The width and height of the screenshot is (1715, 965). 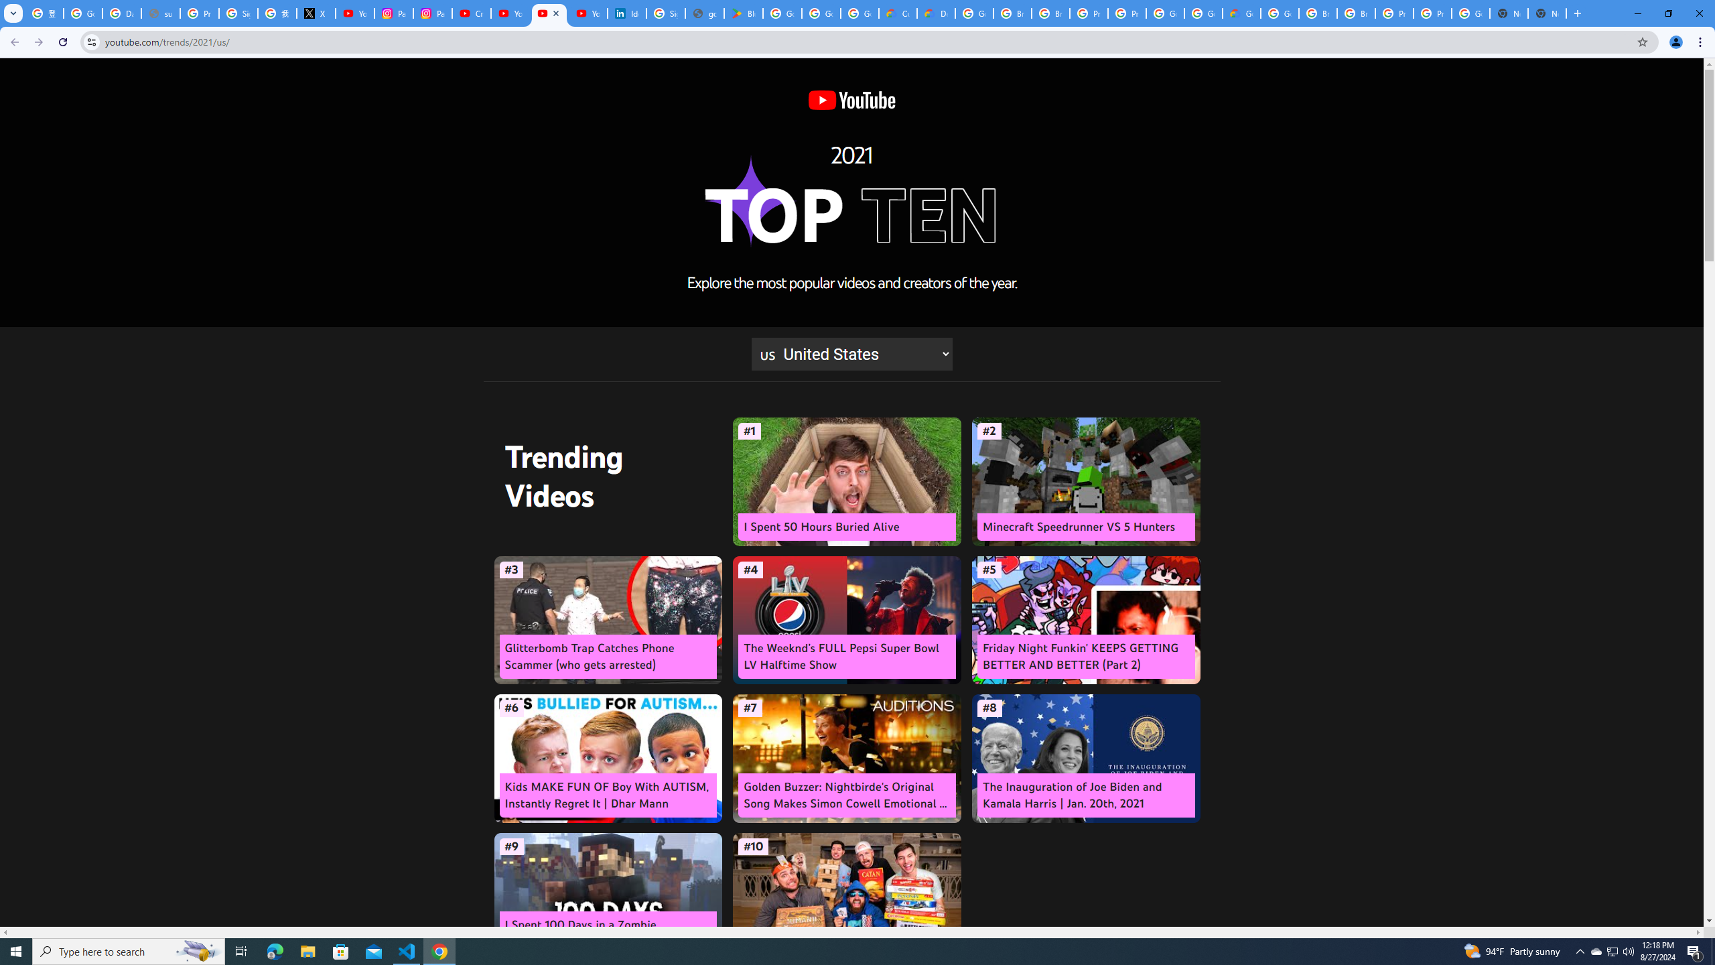 What do you see at coordinates (161, 13) in the screenshot?
I see `'support.google.com - Network error'` at bounding box center [161, 13].